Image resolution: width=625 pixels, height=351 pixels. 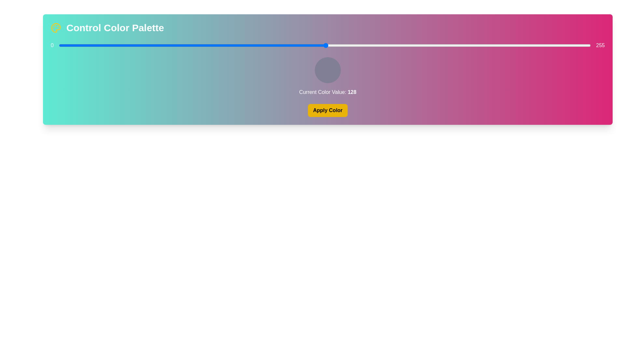 What do you see at coordinates (224, 45) in the screenshot?
I see `the color slider to set the color value to 79` at bounding box center [224, 45].